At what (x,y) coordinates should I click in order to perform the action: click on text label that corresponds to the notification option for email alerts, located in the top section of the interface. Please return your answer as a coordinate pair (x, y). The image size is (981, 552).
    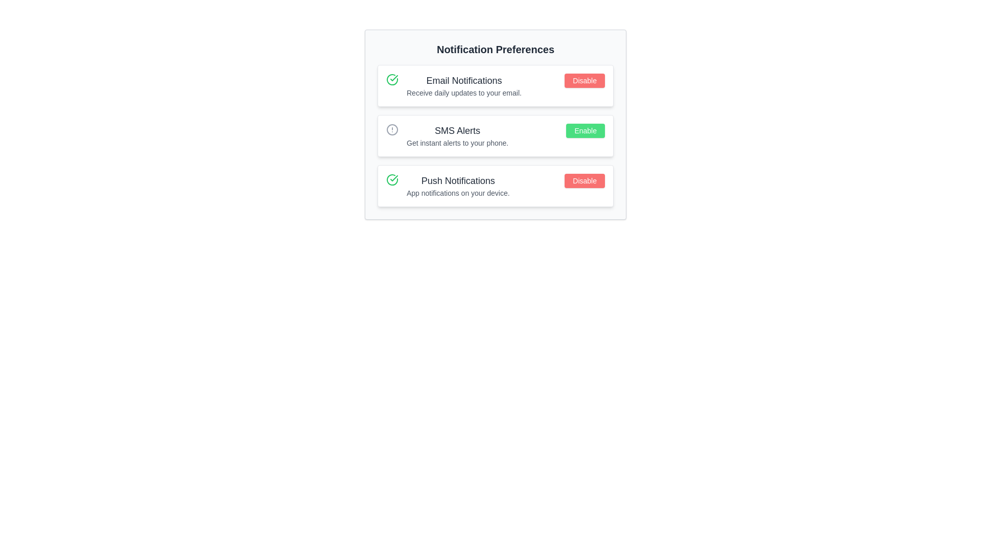
    Looking at the image, I should click on (463, 80).